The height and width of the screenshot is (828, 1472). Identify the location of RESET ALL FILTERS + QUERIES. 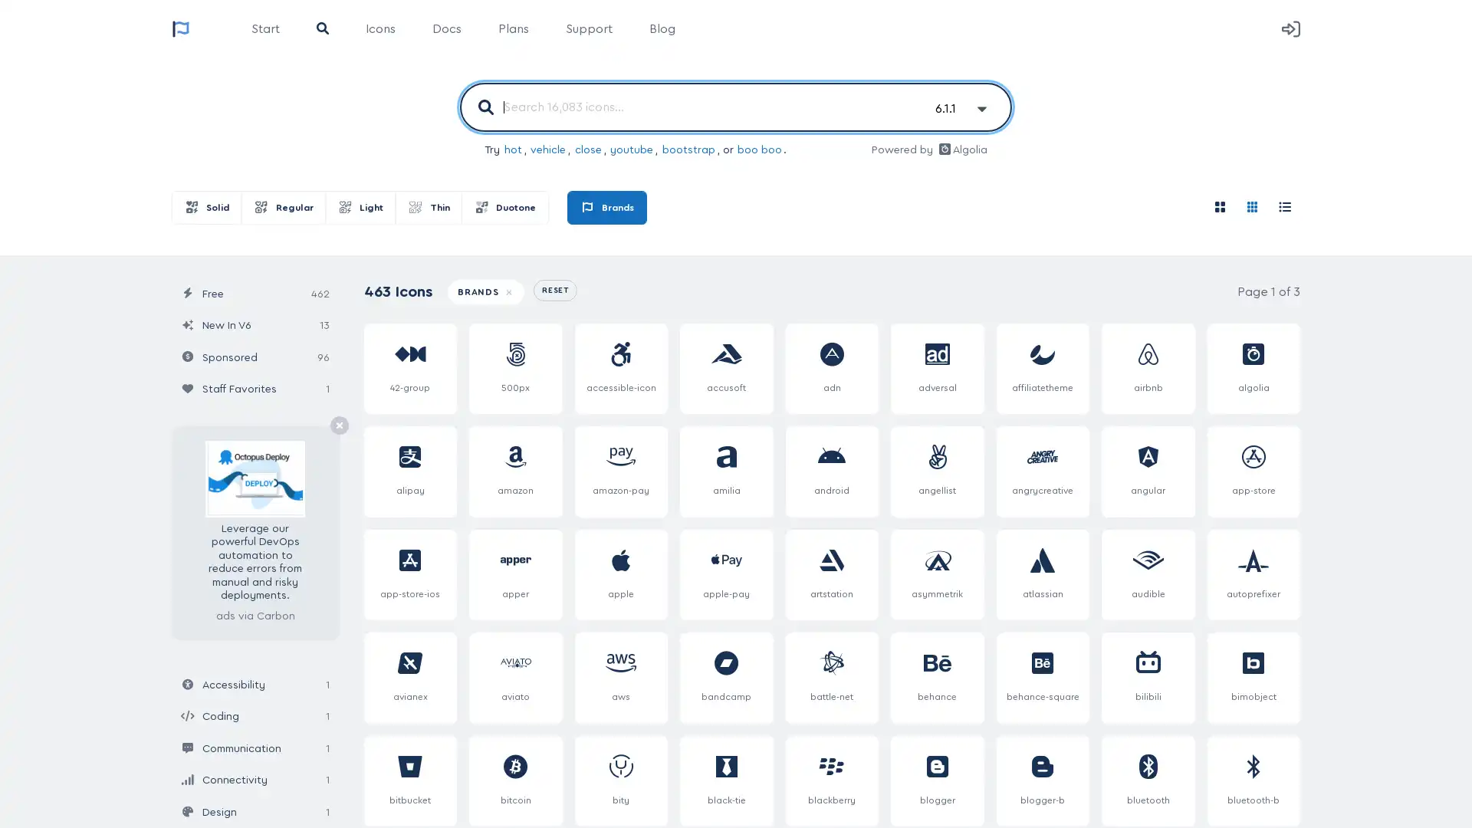
(558, 302).